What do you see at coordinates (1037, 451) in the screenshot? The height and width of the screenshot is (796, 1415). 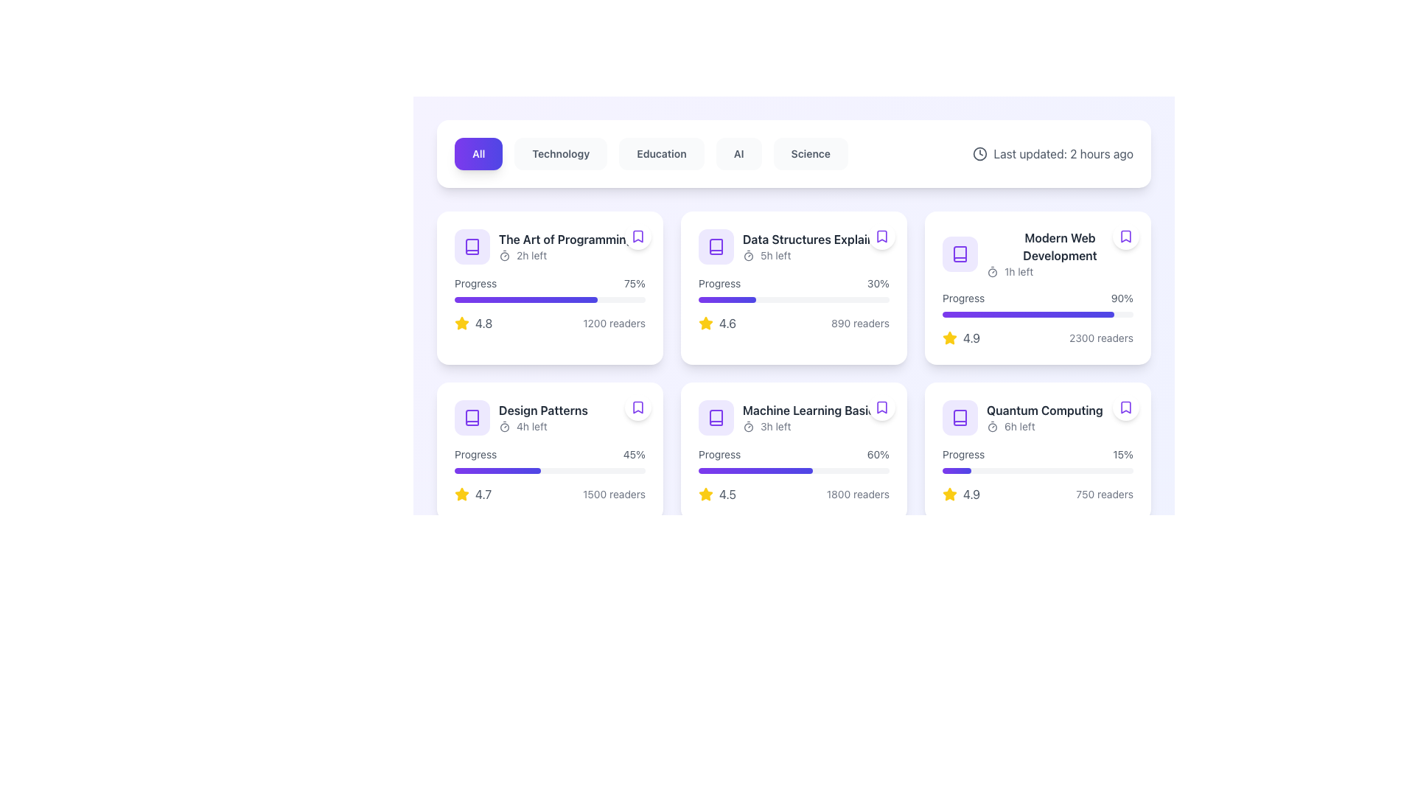 I see `information displayed on the 'Quantum Computing' card, which is the rightmost card in the bottom row of a grid layout` at bounding box center [1037, 451].